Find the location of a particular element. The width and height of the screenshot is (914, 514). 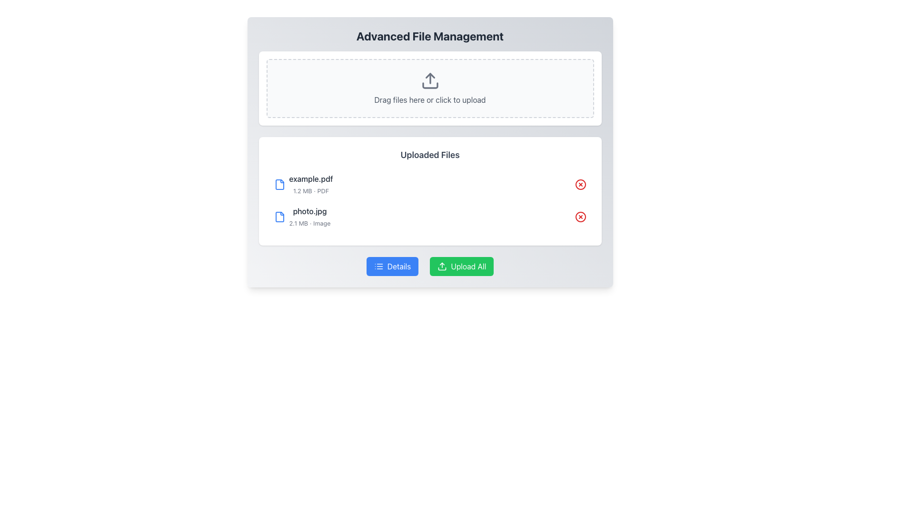

the appearance of the upload icon located to the left of the 'Upload All' button in the bottom-right portion of the interface is located at coordinates (442, 266).